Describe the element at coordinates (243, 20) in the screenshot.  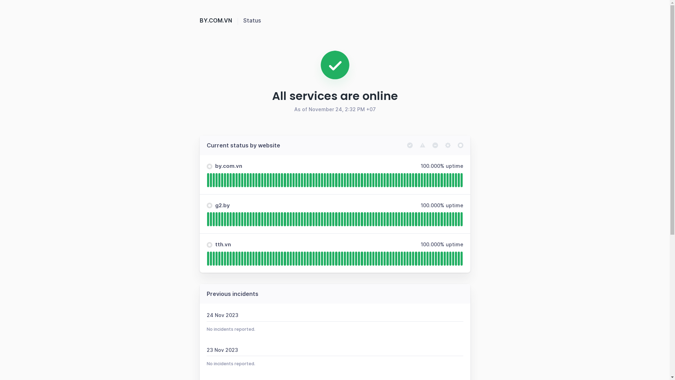
I see `'Status'` at that location.